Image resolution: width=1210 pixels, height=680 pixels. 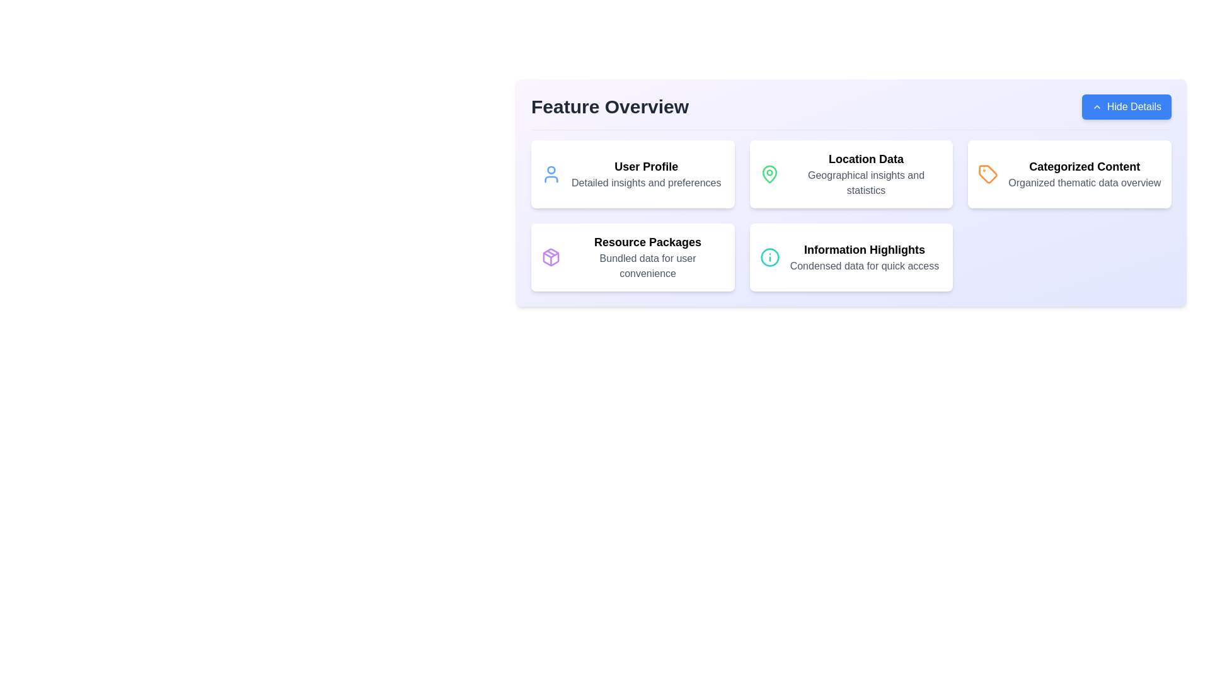 What do you see at coordinates (646, 166) in the screenshot?
I see `the Text Label that serves as the heading for the card in the top-left of the 'Feature Overview' section, positioned directly above the 'Detailed insights and preferences' segment` at bounding box center [646, 166].